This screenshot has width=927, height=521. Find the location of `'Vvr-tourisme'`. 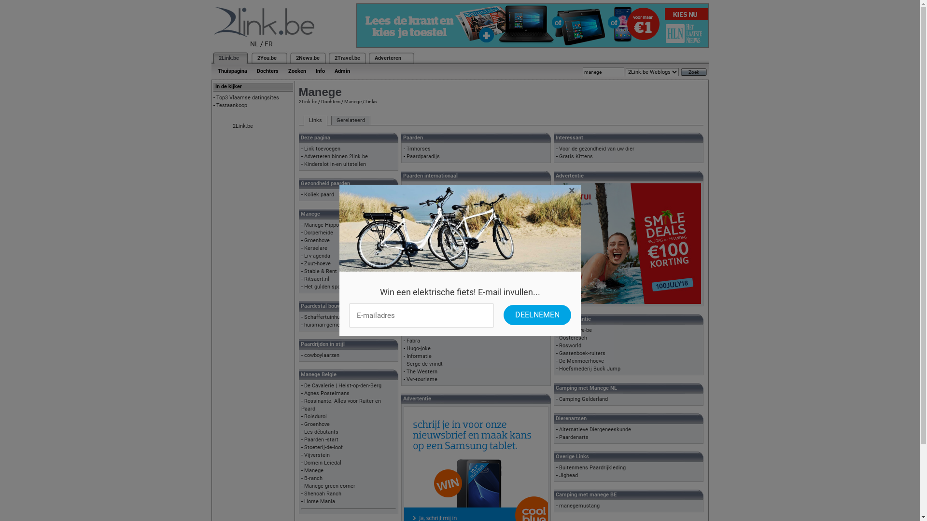

'Vvr-tourisme' is located at coordinates (421, 379).